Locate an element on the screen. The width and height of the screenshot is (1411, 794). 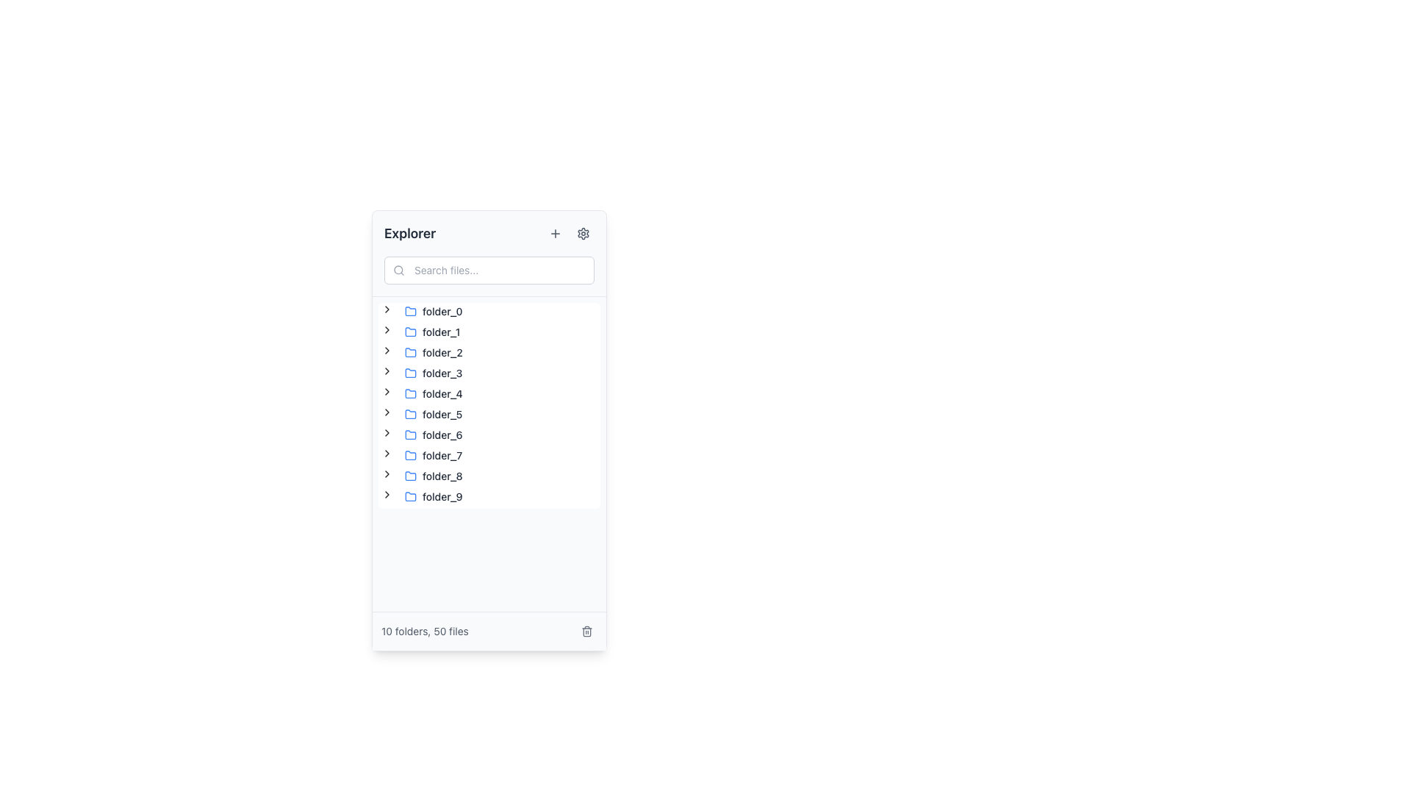
the toggle button for the 'folder_1' item in the tree is located at coordinates (387, 332).